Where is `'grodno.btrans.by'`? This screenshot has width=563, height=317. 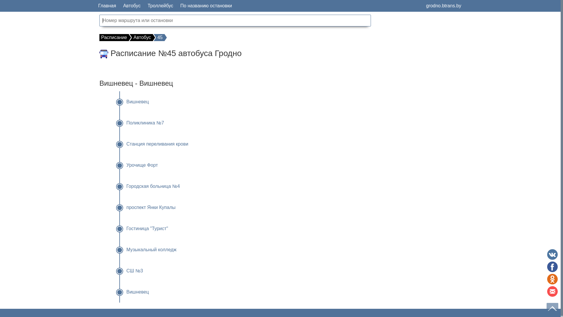
'grodno.btrans.by' is located at coordinates (443, 6).